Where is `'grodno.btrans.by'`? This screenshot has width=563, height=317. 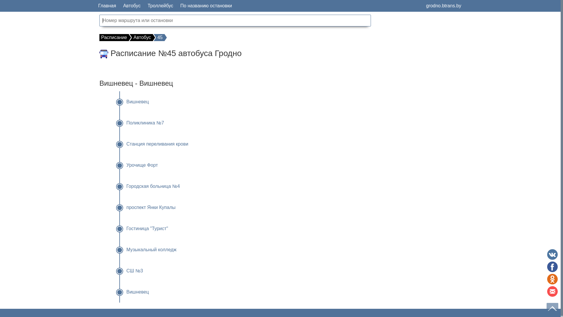
'grodno.btrans.by' is located at coordinates (443, 6).